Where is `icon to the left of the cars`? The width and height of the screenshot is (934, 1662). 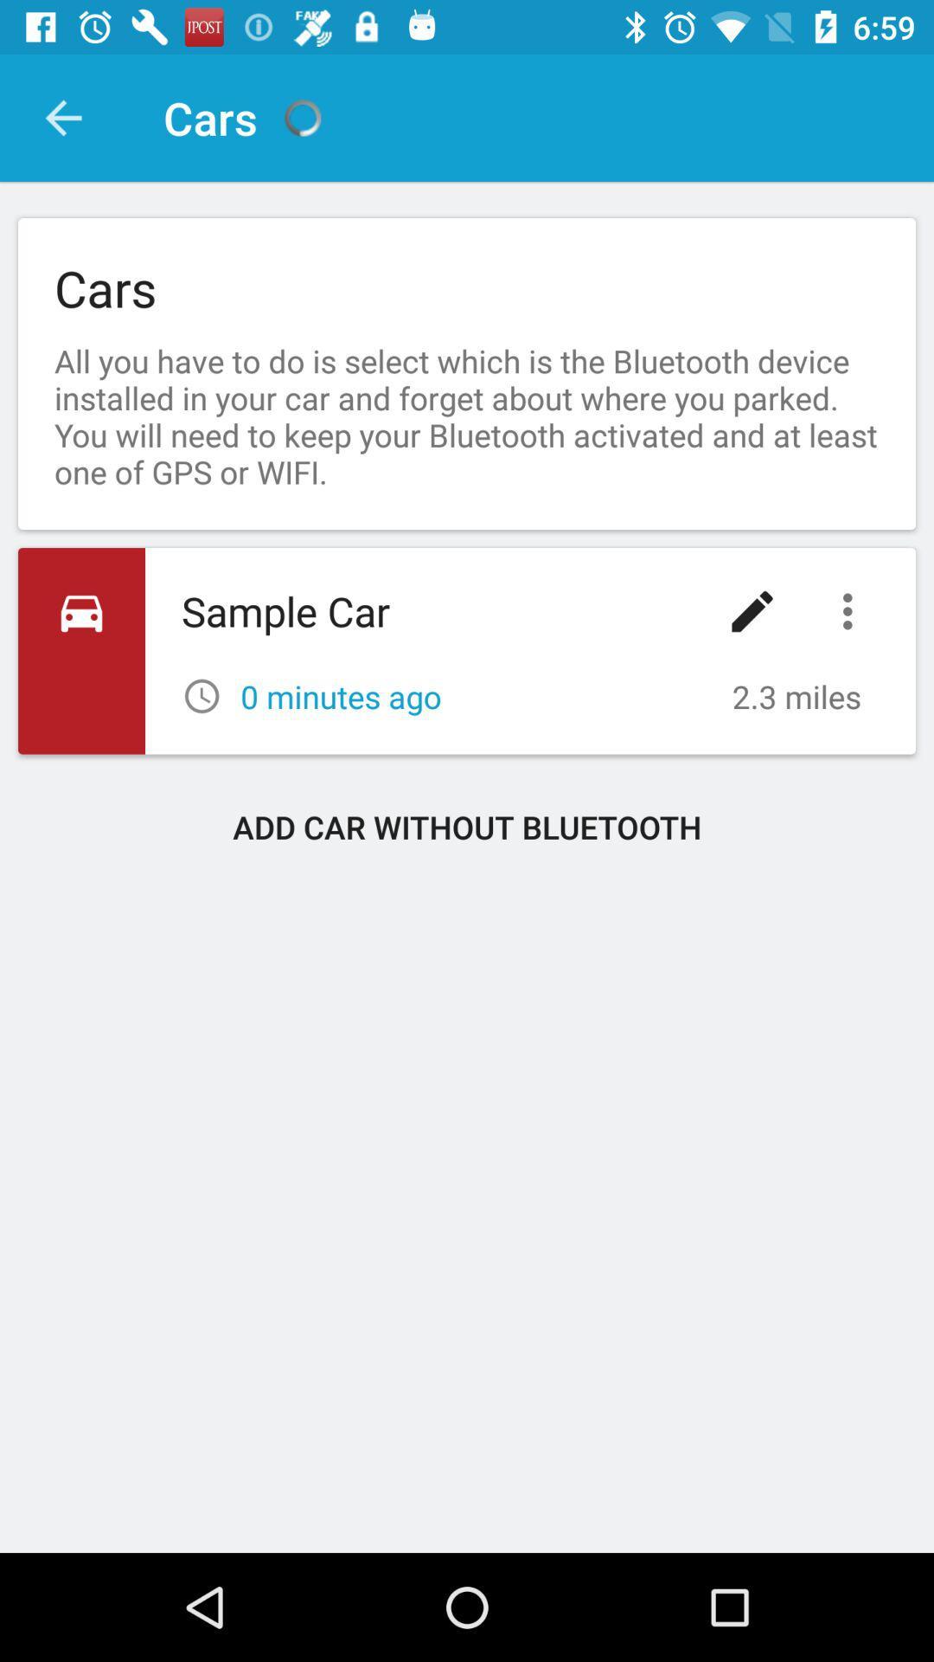
icon to the left of the cars is located at coordinates (62, 117).